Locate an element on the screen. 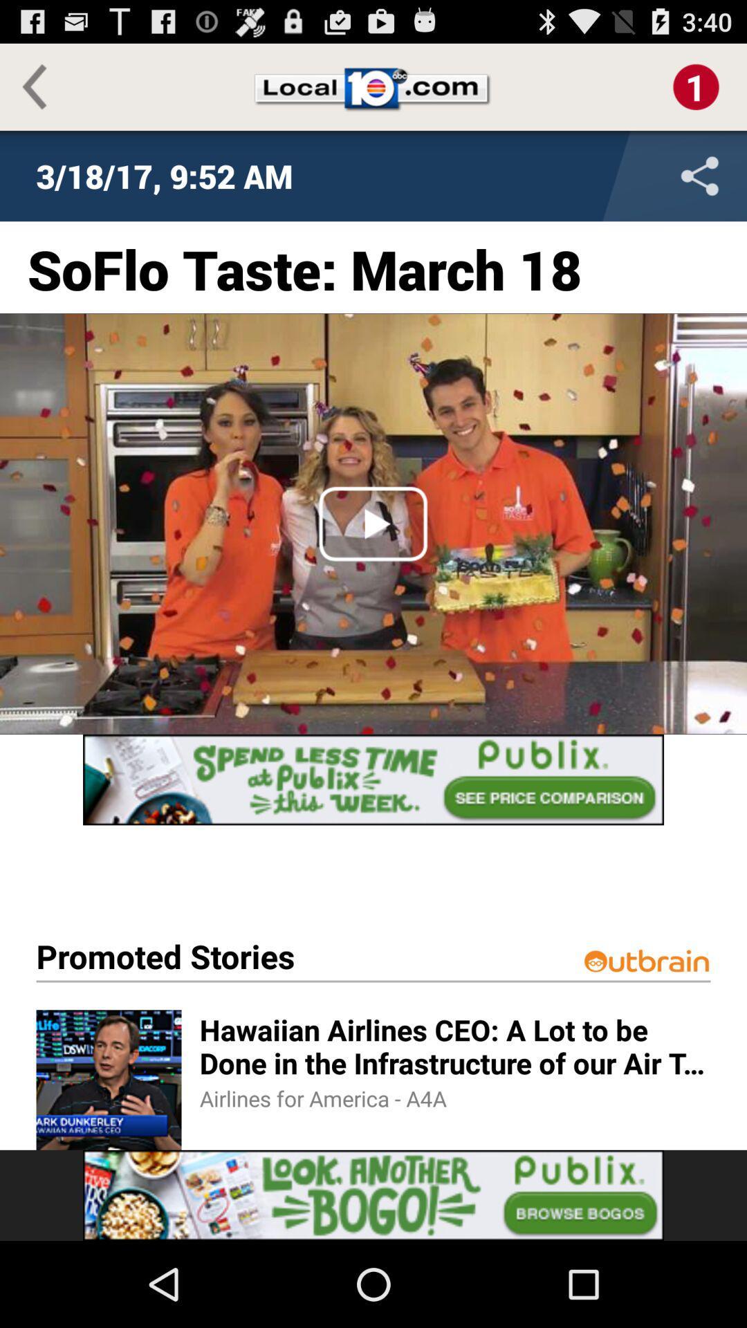 This screenshot has width=747, height=1328. watch he video is located at coordinates (373, 523).